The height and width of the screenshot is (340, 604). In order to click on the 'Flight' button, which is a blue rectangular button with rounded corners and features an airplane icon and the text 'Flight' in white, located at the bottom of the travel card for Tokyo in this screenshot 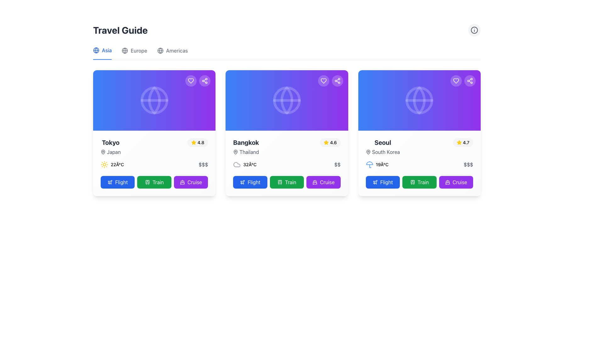, I will do `click(118, 182)`.